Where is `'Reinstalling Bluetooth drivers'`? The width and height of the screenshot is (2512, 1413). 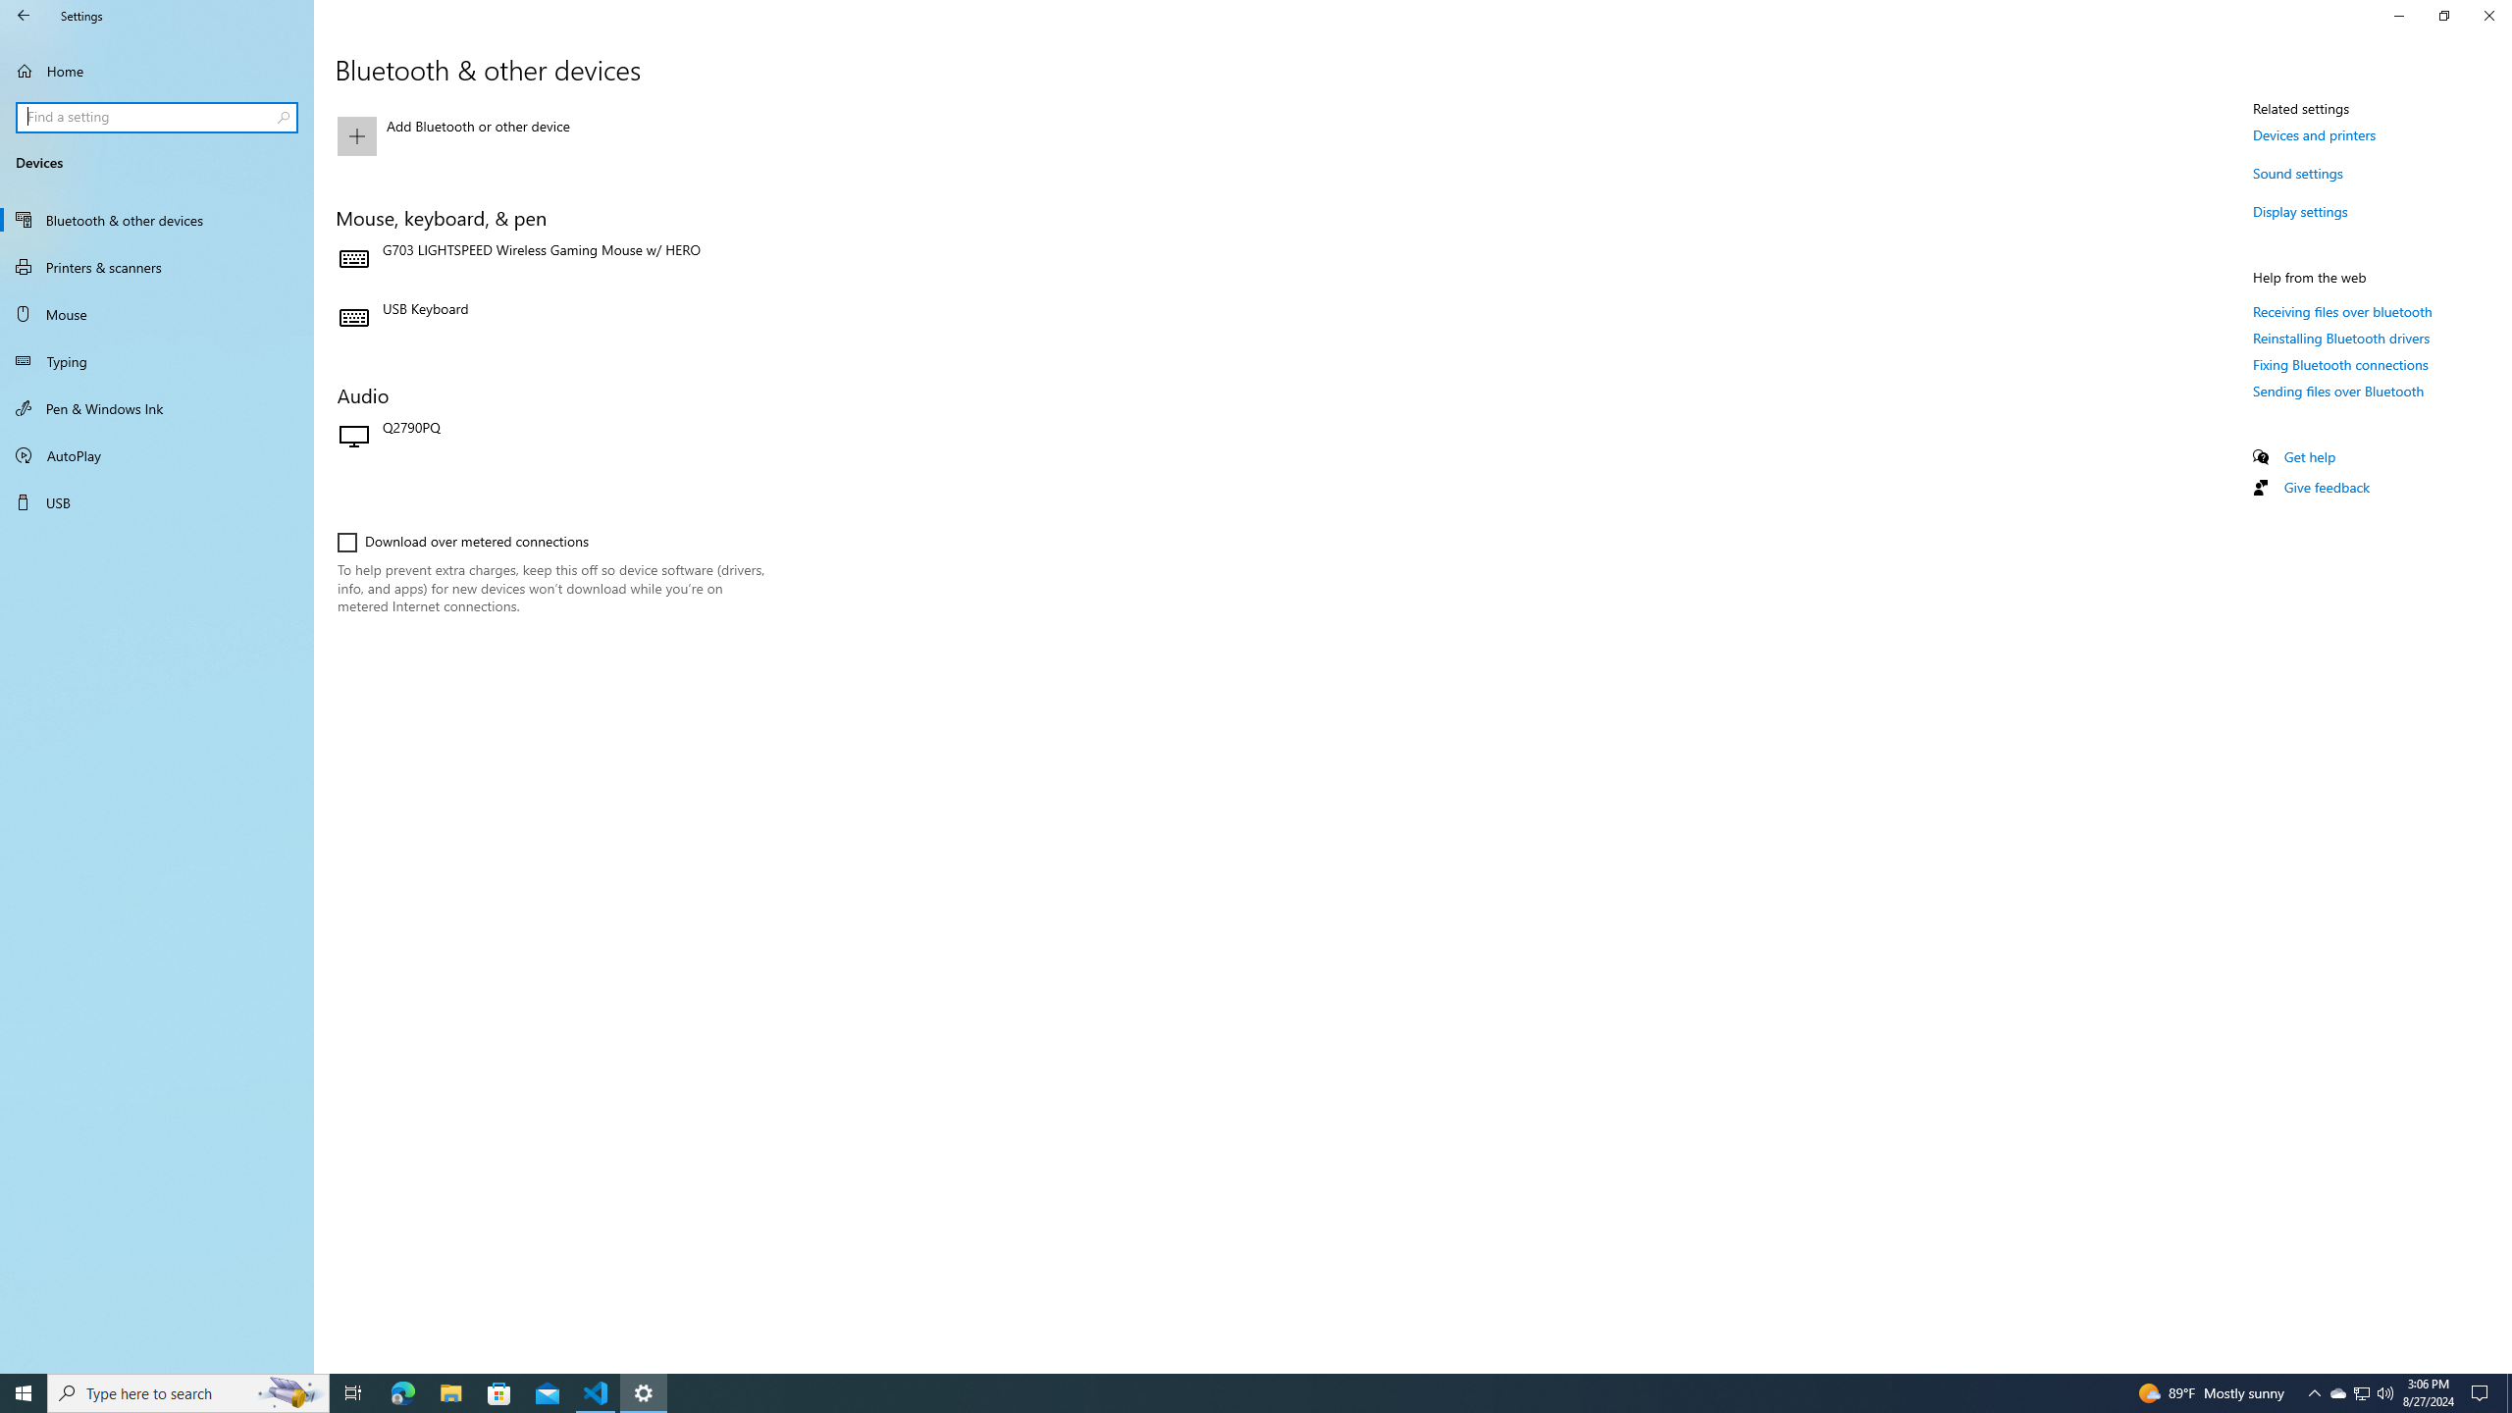
'Reinstalling Bluetooth drivers' is located at coordinates (2341, 338).